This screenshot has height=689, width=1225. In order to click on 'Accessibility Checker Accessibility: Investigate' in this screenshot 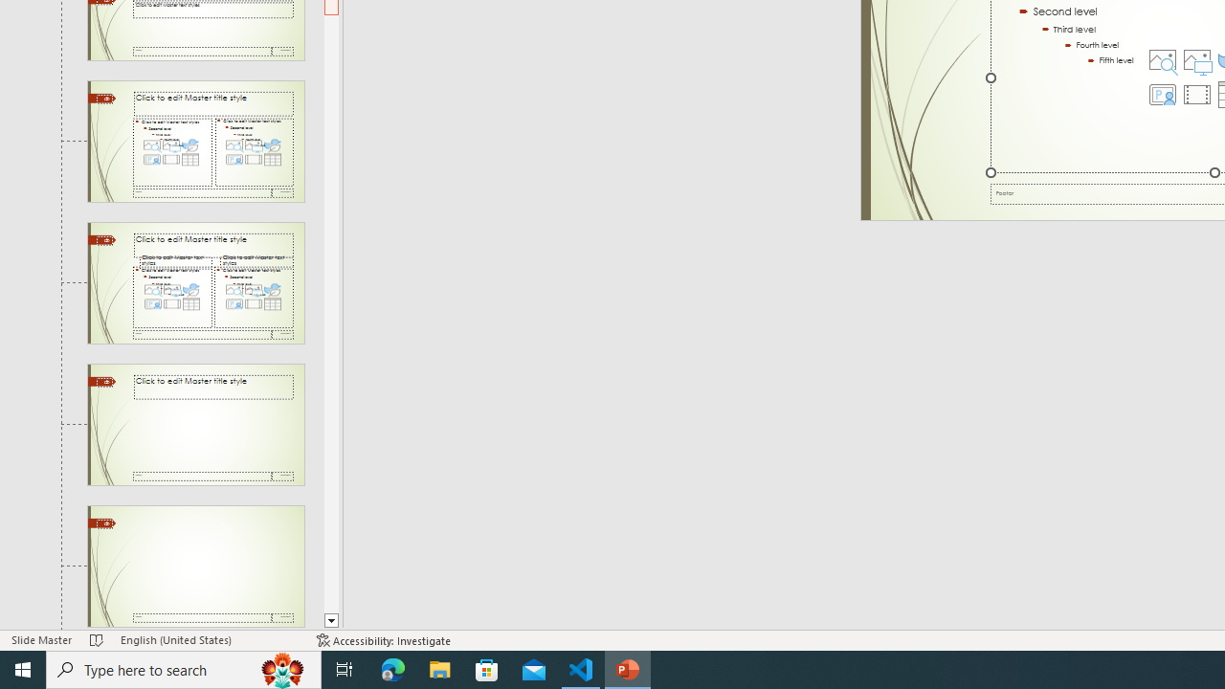, I will do `click(383, 640)`.